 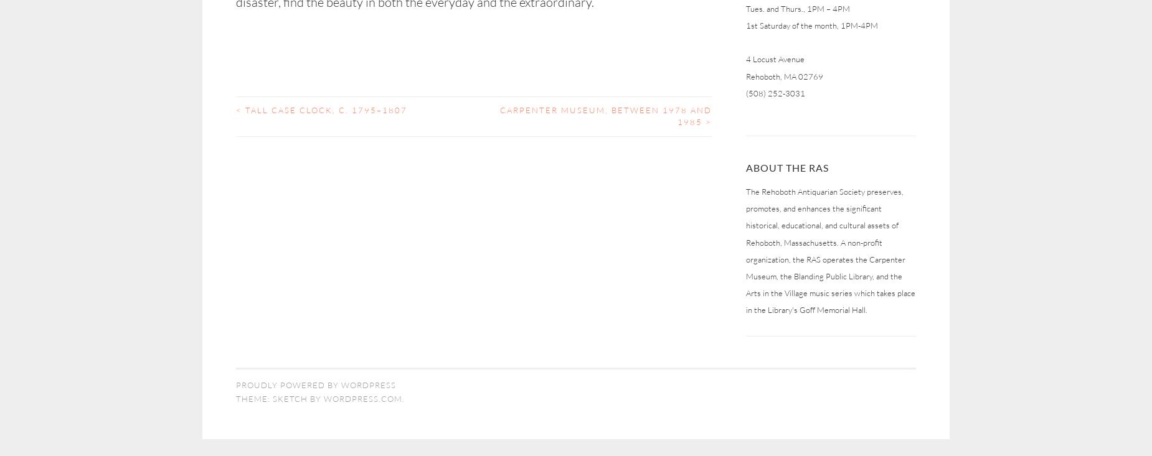 What do you see at coordinates (279, 397) in the screenshot?
I see `'Theme: Sketch by'` at bounding box center [279, 397].